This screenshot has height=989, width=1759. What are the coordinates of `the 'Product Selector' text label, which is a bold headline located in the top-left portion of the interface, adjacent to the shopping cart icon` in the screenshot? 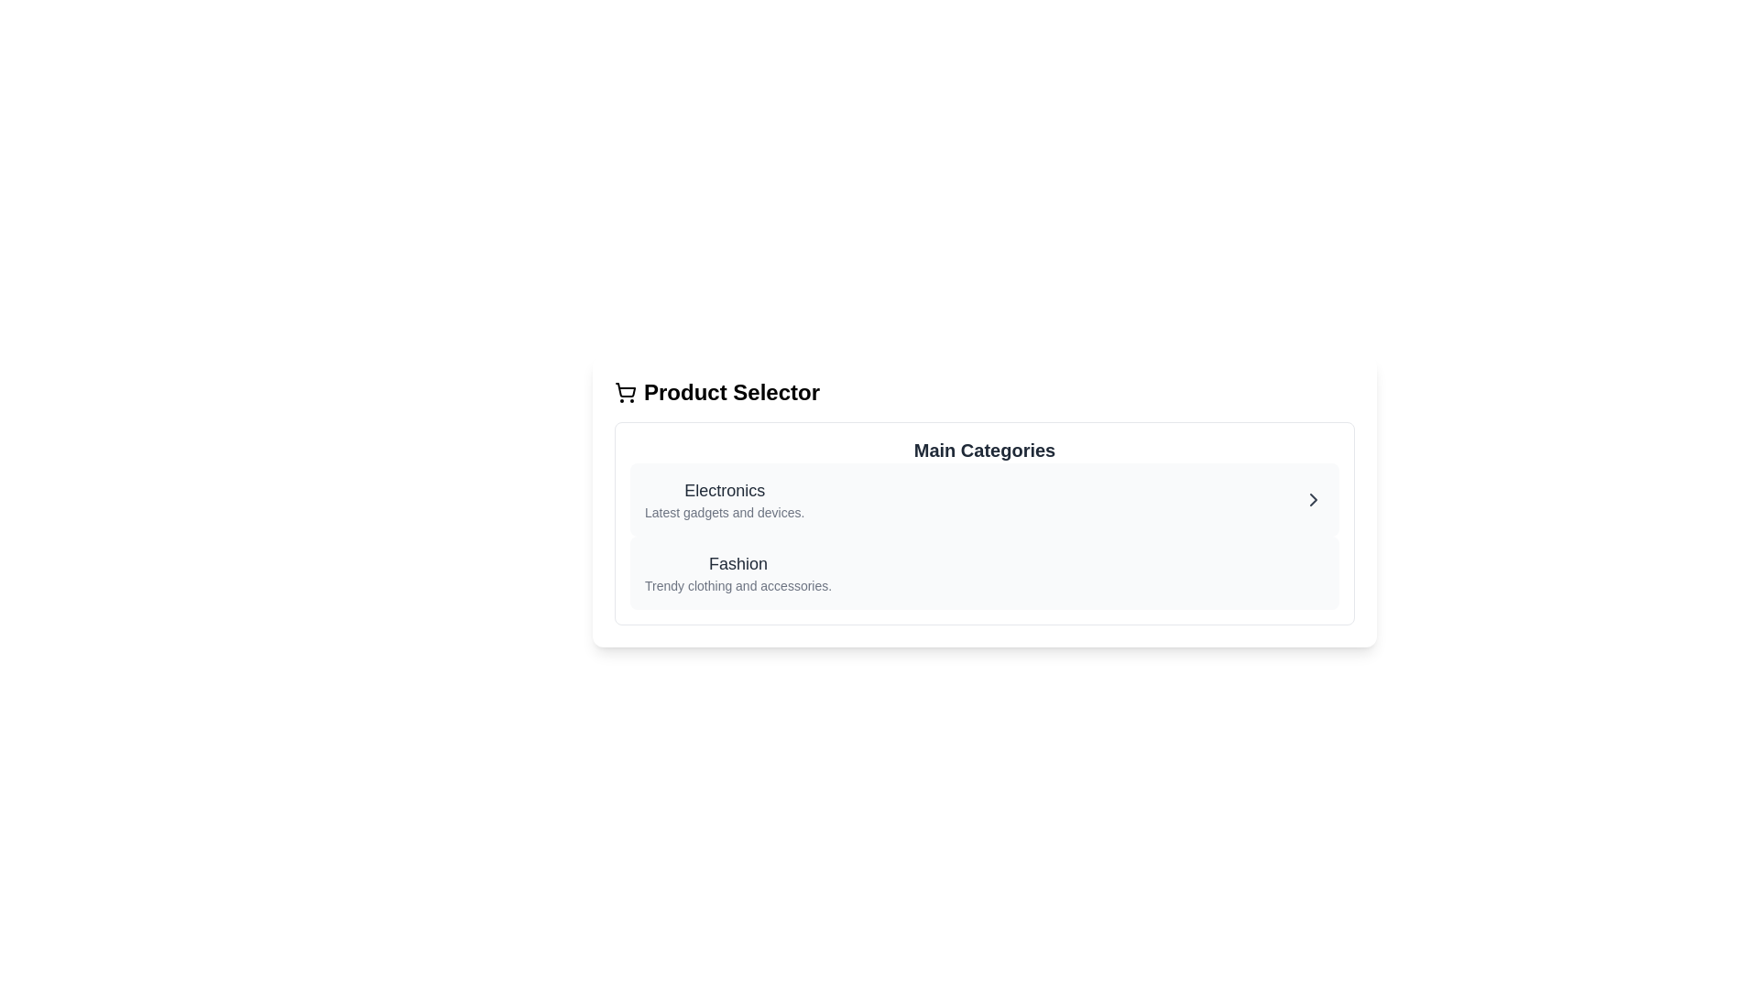 It's located at (731, 391).